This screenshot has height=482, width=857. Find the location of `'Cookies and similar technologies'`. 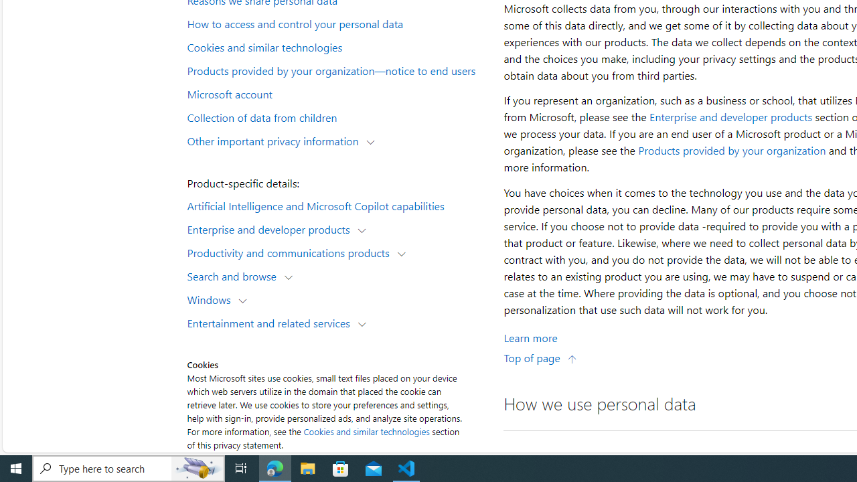

'Cookies and similar technologies' is located at coordinates (366, 431).